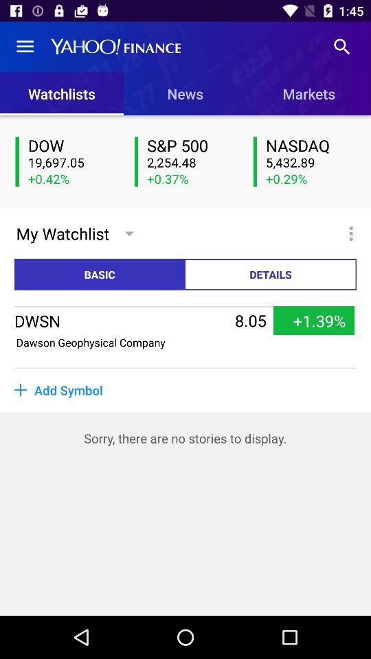 This screenshot has width=371, height=659. What do you see at coordinates (314, 321) in the screenshot?
I see `item next to the 8.05 icon` at bounding box center [314, 321].